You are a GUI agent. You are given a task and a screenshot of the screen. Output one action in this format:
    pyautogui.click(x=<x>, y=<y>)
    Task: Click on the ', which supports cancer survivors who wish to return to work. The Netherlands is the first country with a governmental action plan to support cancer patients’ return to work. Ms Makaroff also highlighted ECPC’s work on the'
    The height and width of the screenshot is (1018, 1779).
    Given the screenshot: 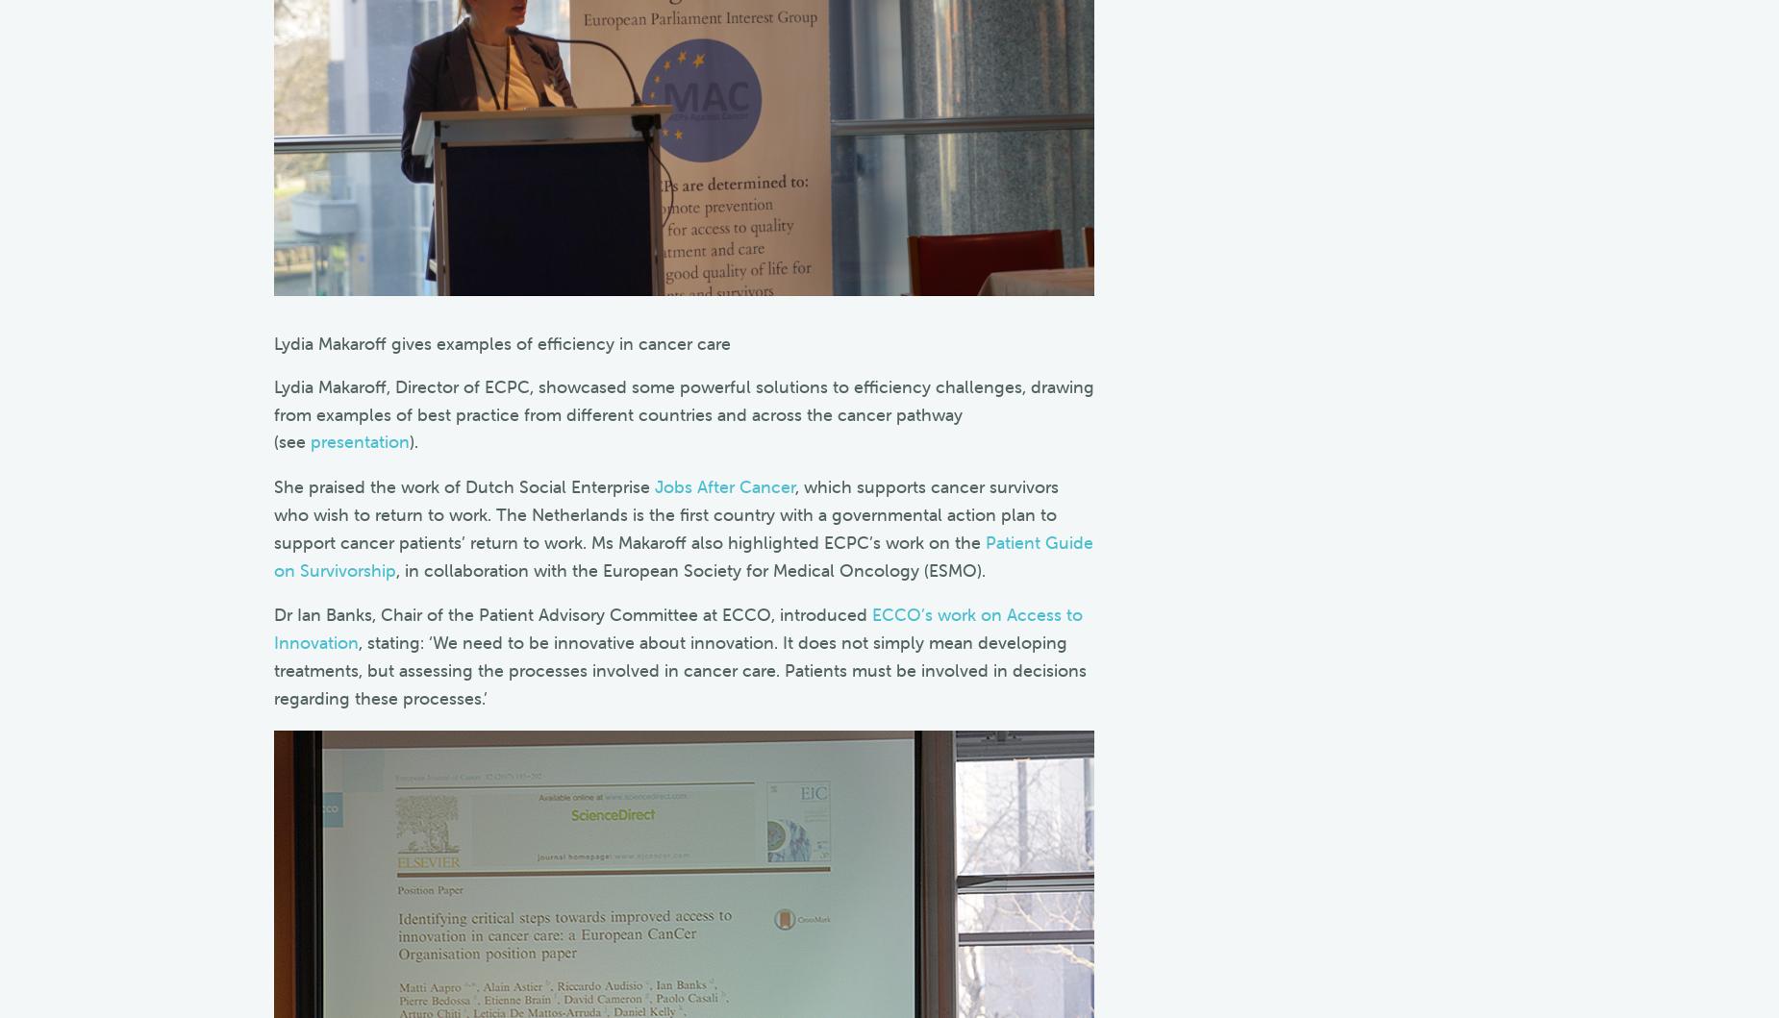 What is the action you would take?
    pyautogui.click(x=665, y=513)
    